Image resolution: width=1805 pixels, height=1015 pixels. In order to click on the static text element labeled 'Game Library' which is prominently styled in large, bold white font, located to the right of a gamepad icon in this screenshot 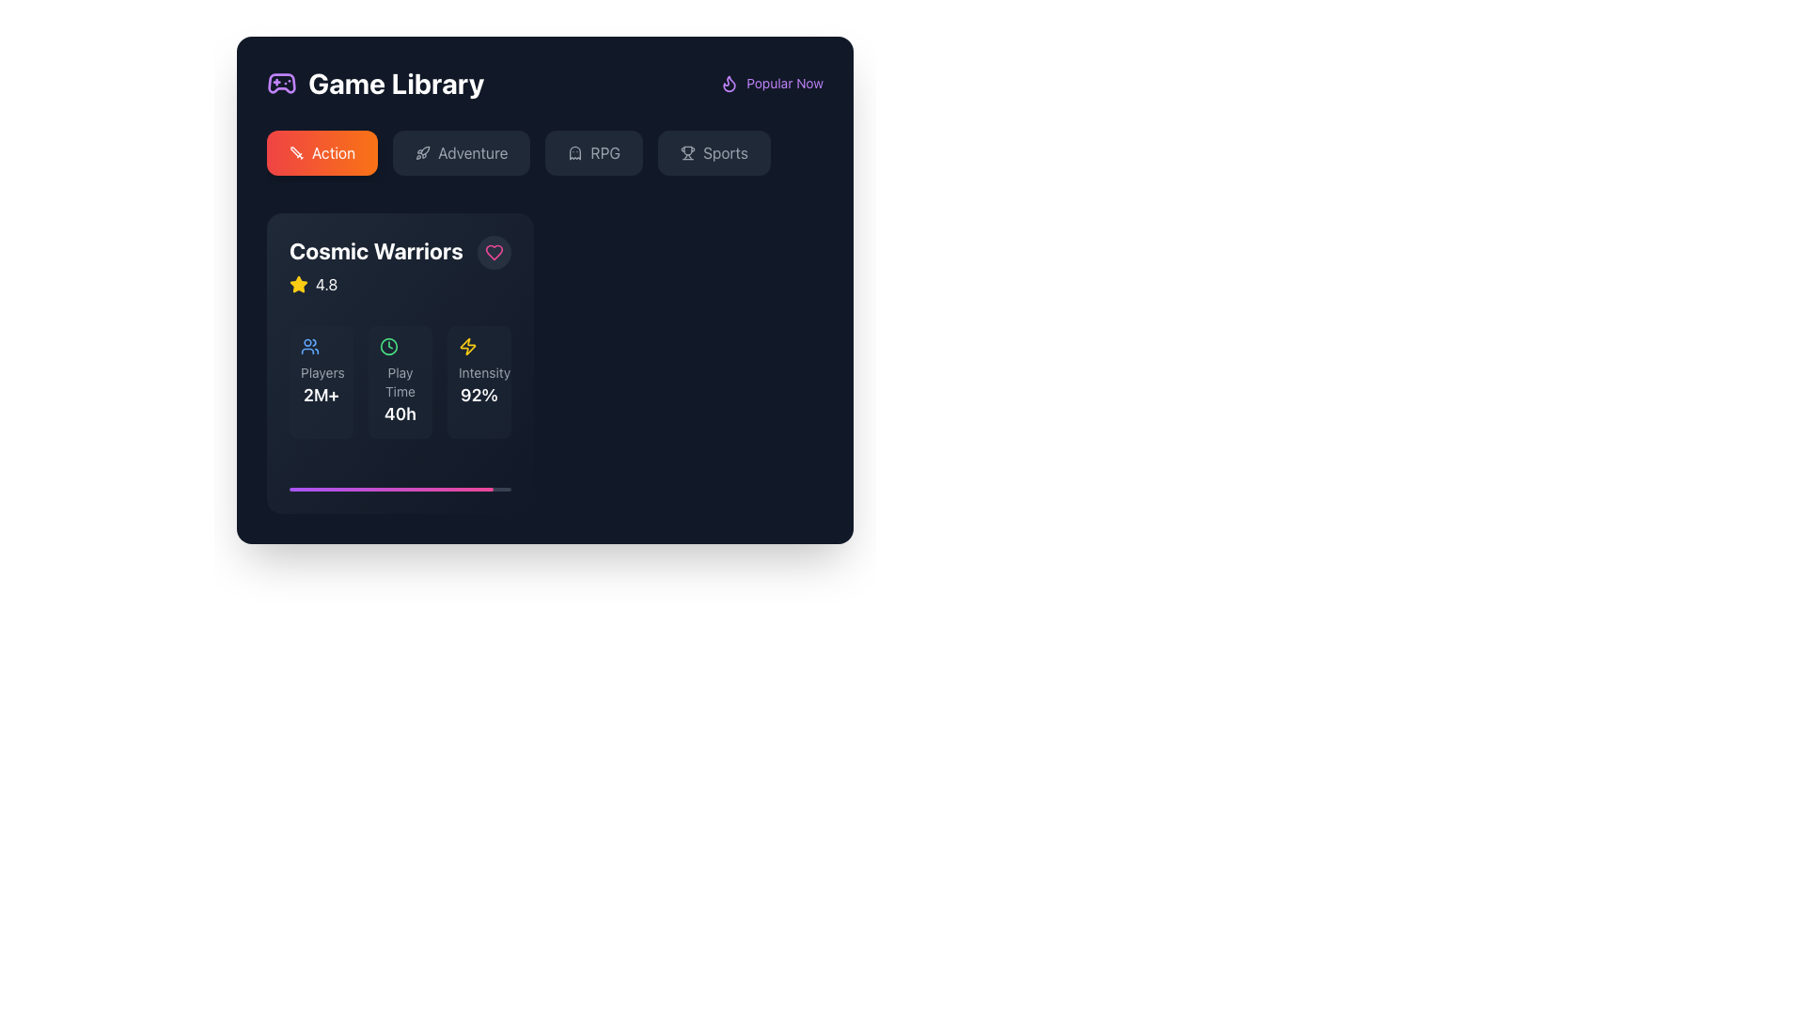, I will do `click(395, 82)`.